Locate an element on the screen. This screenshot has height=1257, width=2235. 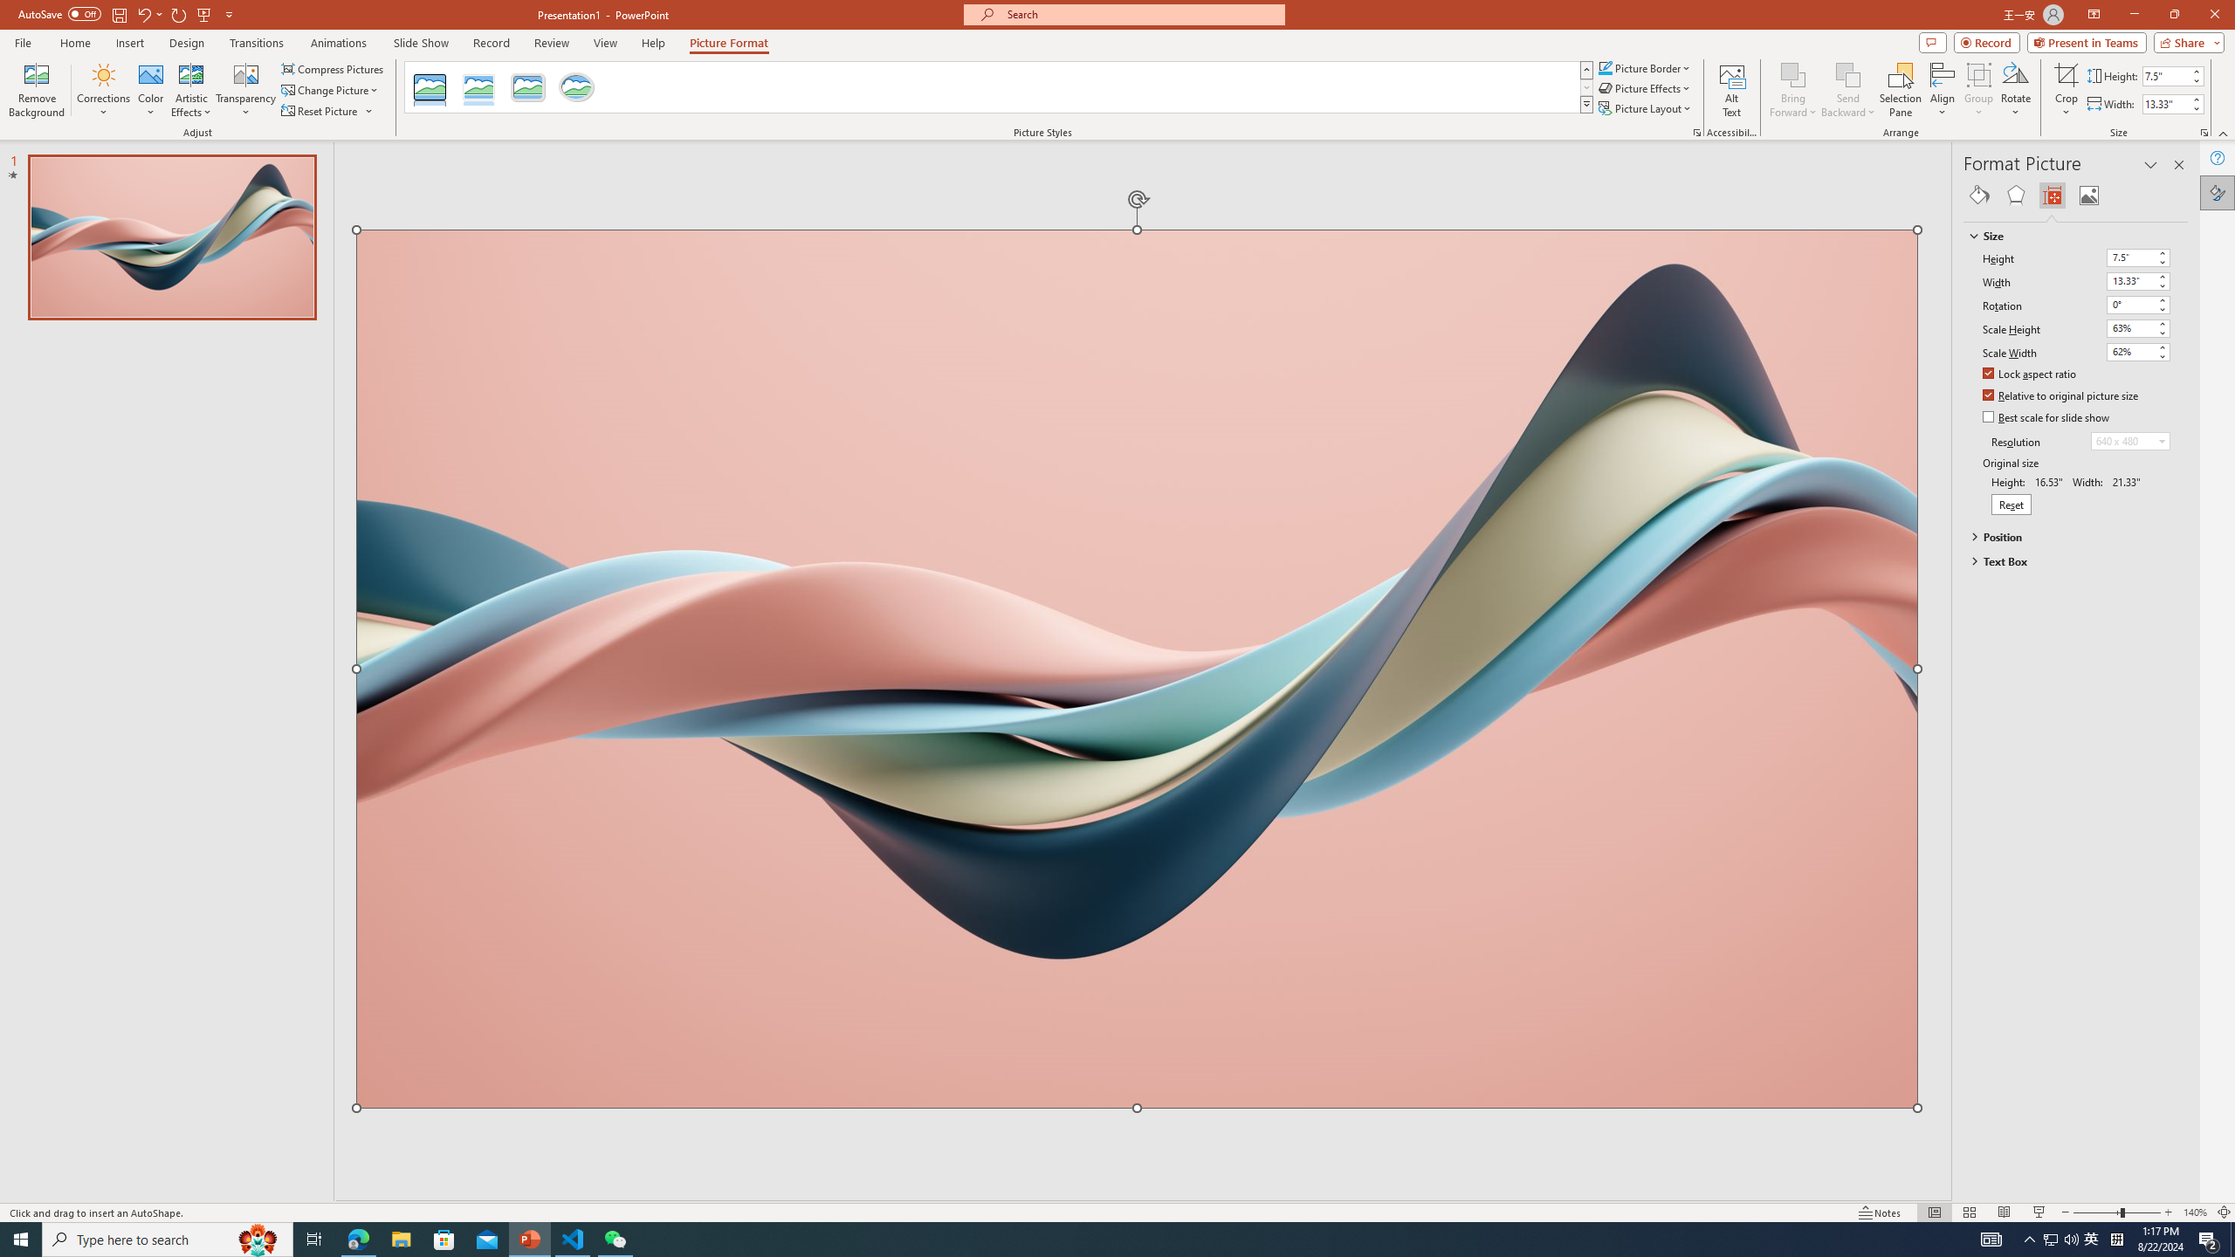
'Rotate' is located at coordinates (2015, 90).